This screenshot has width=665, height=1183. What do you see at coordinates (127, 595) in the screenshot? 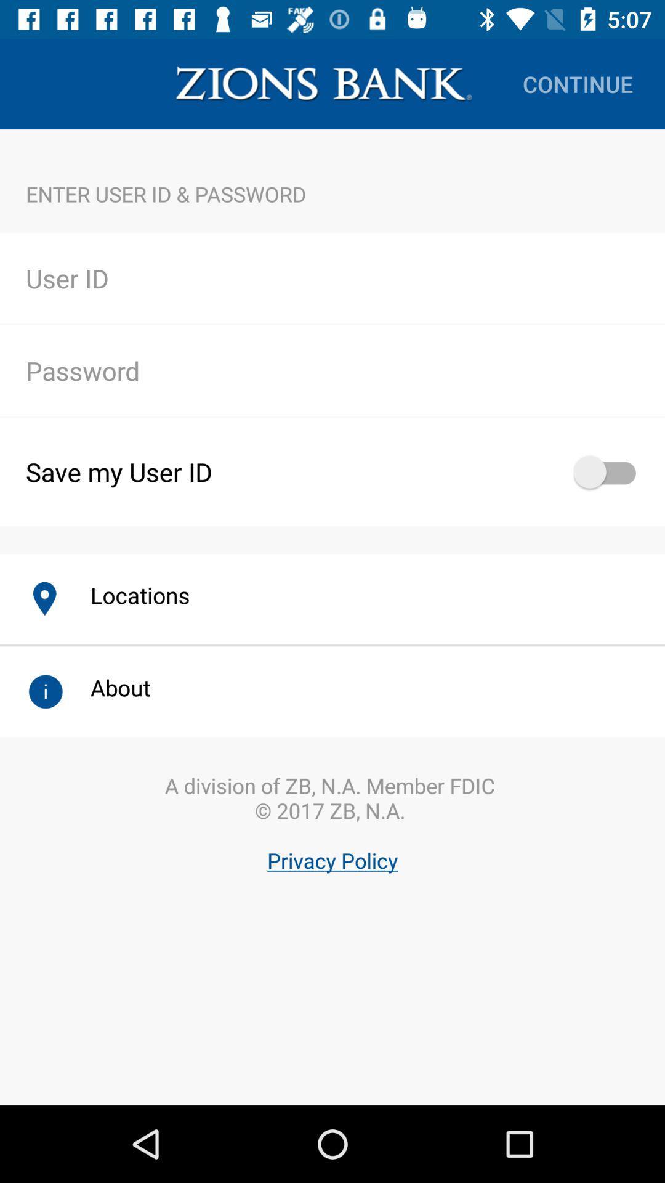
I see `locations app` at bounding box center [127, 595].